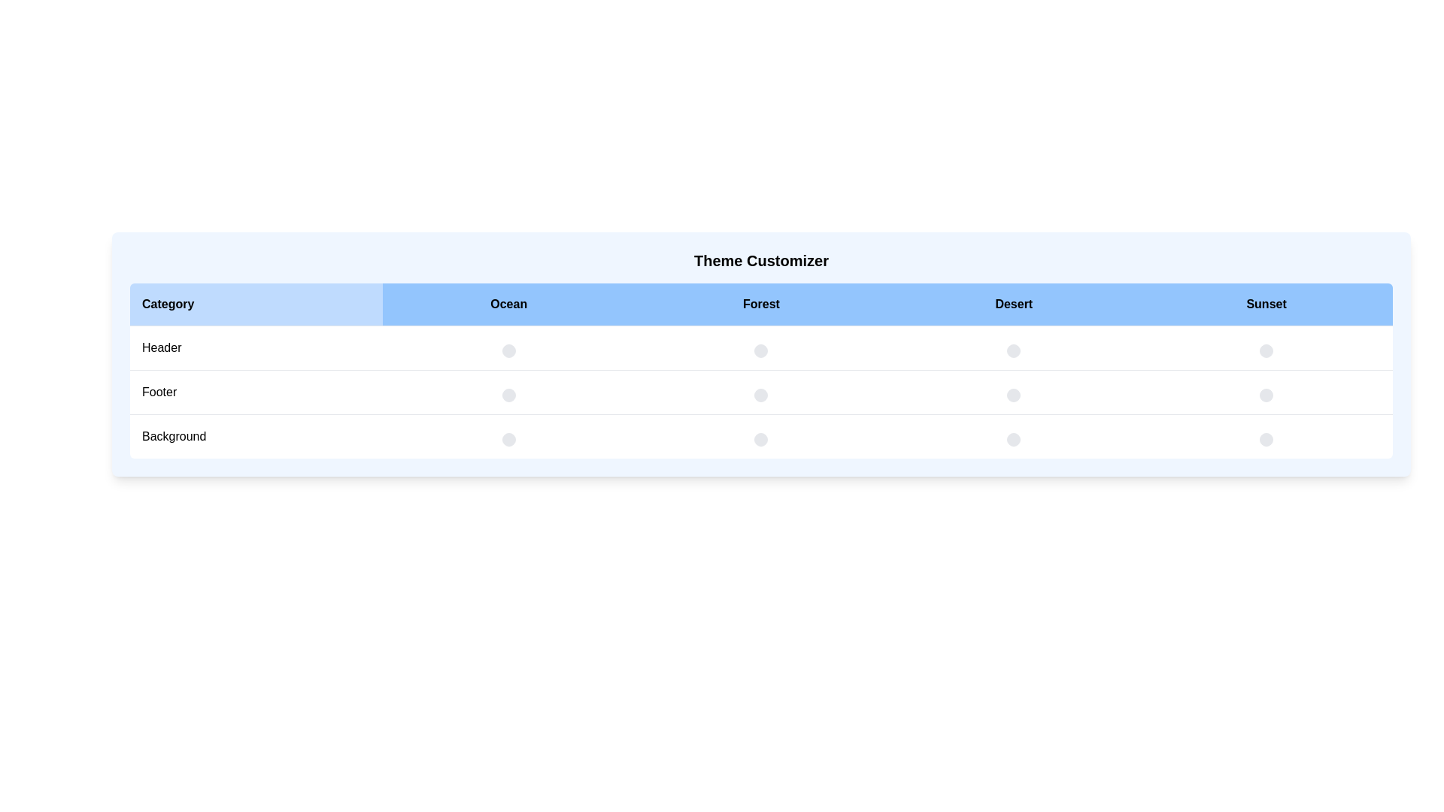 The width and height of the screenshot is (1444, 812). I want to click on the radio button located in the 'Background' row and 'Desert' column under the 'Theme Customizer' section, so click(761, 440).